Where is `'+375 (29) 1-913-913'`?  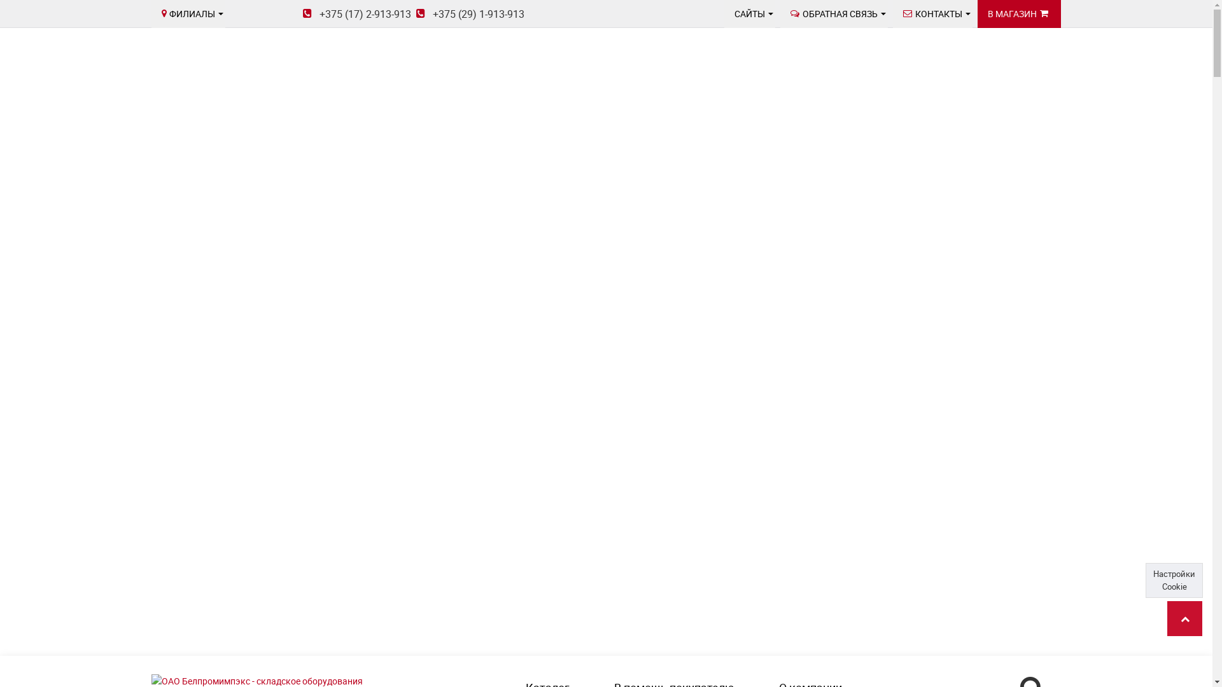 '+375 (29) 1-913-913' is located at coordinates (470, 14).